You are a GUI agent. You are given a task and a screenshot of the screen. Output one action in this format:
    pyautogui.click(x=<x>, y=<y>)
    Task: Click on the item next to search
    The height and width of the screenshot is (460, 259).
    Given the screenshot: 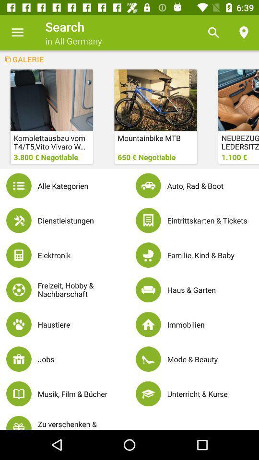 What is the action you would take?
    pyautogui.click(x=17, y=33)
    